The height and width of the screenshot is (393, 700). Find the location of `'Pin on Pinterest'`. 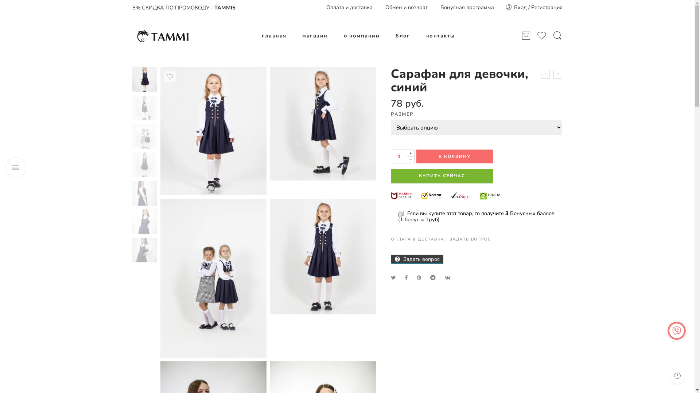

'Pin on Pinterest' is located at coordinates (419, 278).